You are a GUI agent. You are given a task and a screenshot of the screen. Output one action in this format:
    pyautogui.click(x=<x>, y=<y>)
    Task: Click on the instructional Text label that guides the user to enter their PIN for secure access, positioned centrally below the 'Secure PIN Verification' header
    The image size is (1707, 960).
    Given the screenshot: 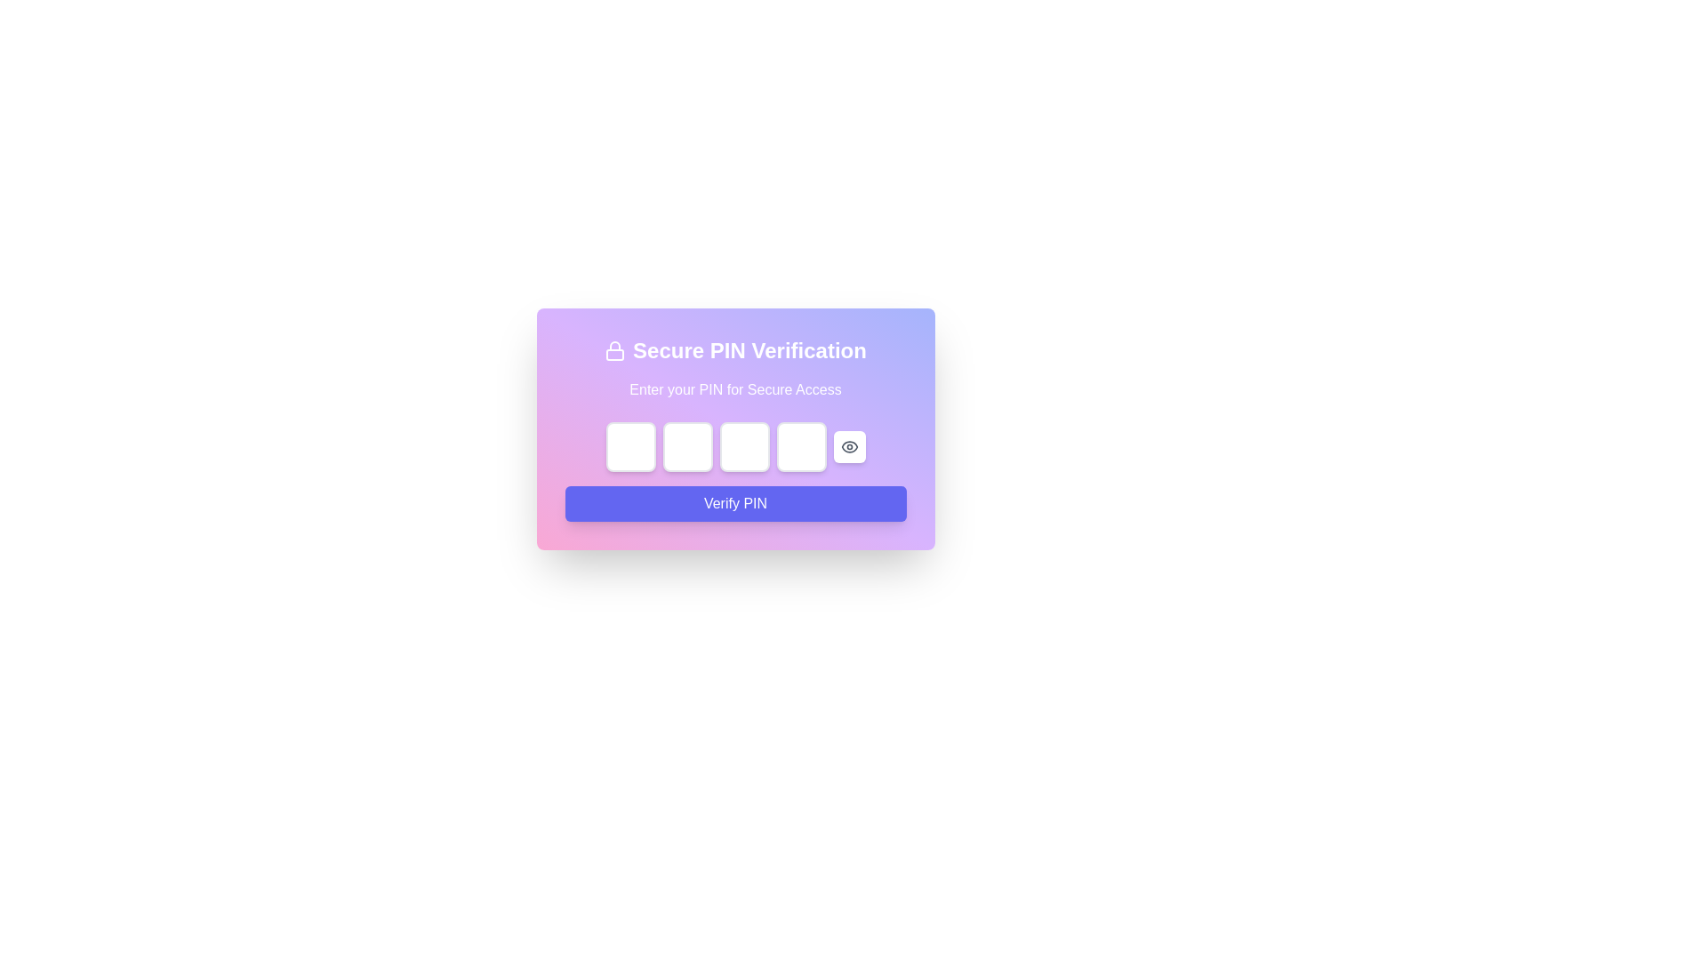 What is the action you would take?
    pyautogui.click(x=735, y=389)
    